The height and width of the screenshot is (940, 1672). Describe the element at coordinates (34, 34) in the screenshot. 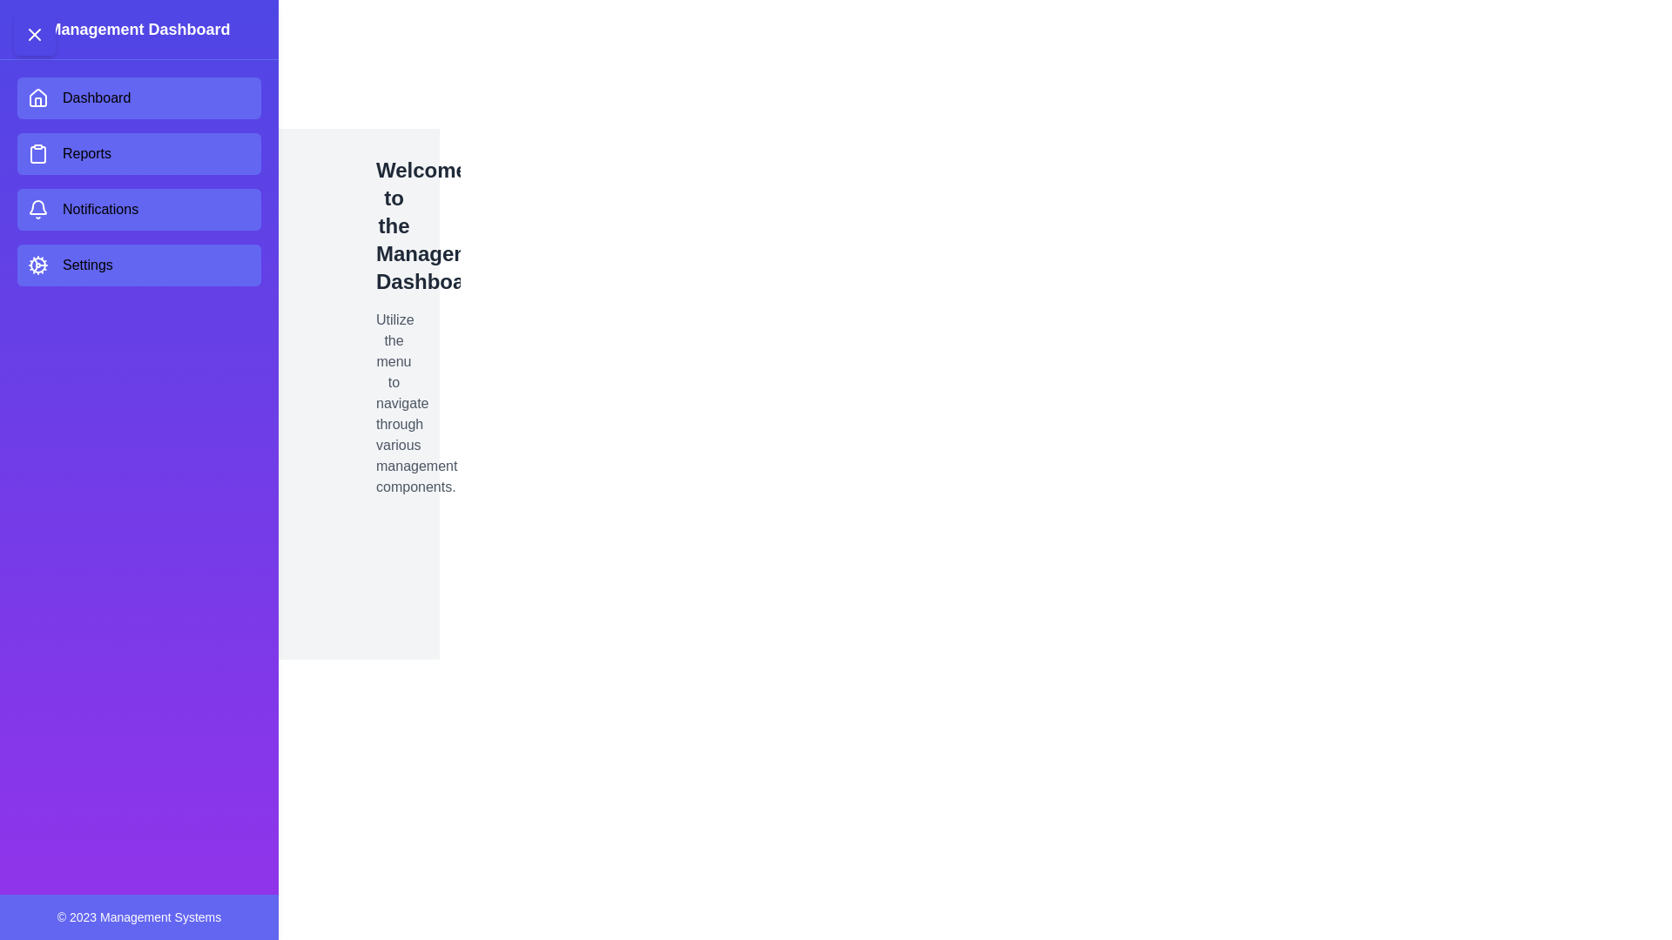

I see `the close button located in the top-left corner of the application layout` at that location.